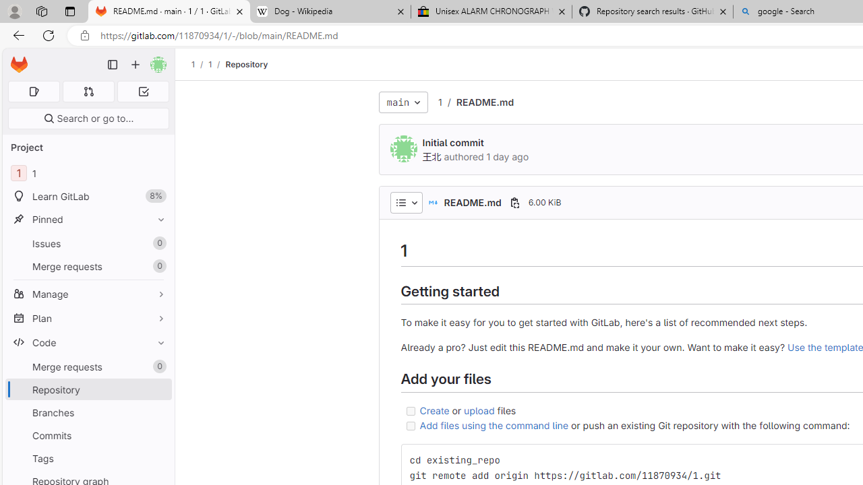  What do you see at coordinates (409, 426) in the screenshot?
I see `'Class: task-list-item-checkbox'` at bounding box center [409, 426].